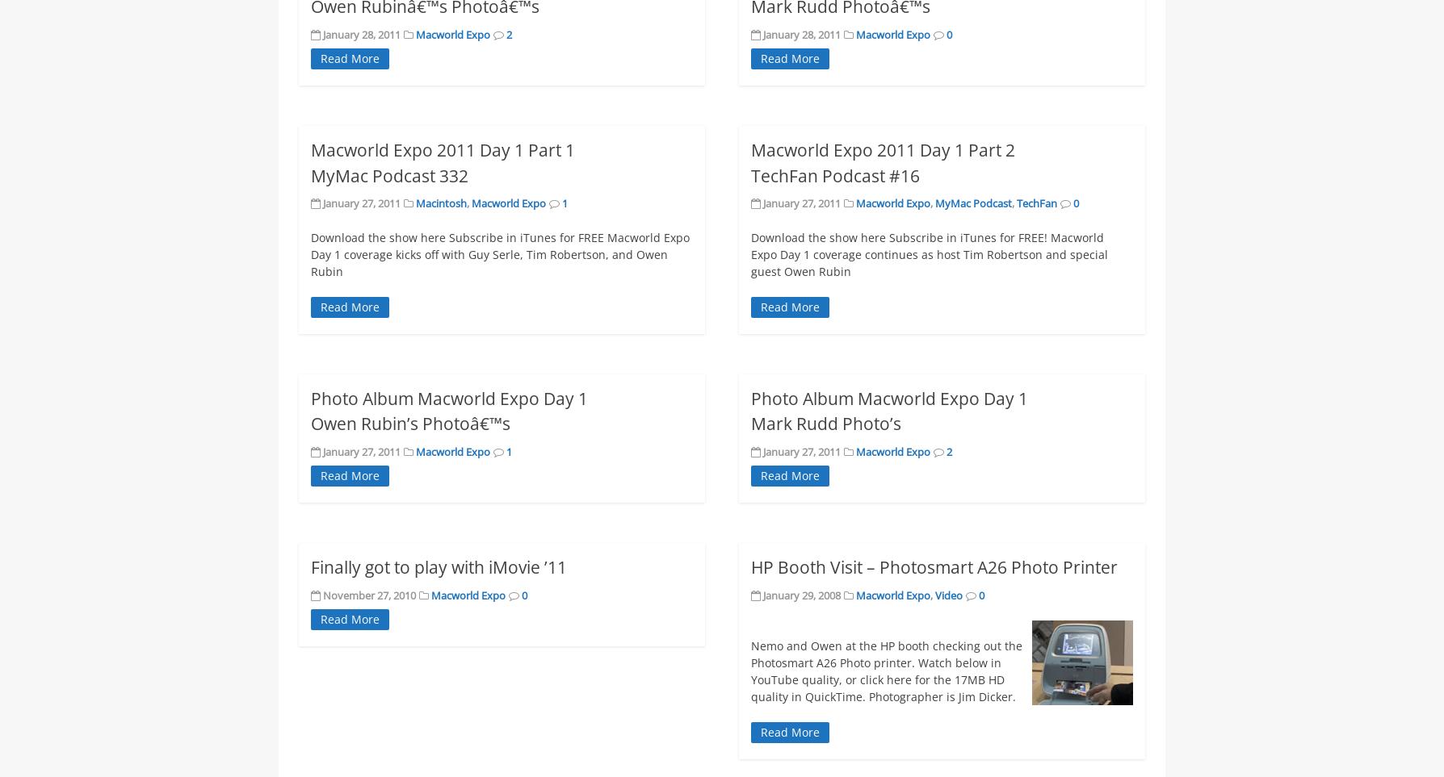  I want to click on 'November 27, 2010', so click(369, 593).